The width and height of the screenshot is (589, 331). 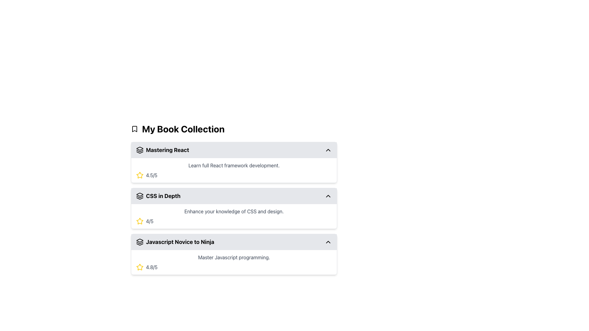 I want to click on the text element that reads 'Learn full React framework development,' which is styled in dark gray and positioned beneath the title 'Mastering React' in the 'My Book Collection' section, so click(x=234, y=165).